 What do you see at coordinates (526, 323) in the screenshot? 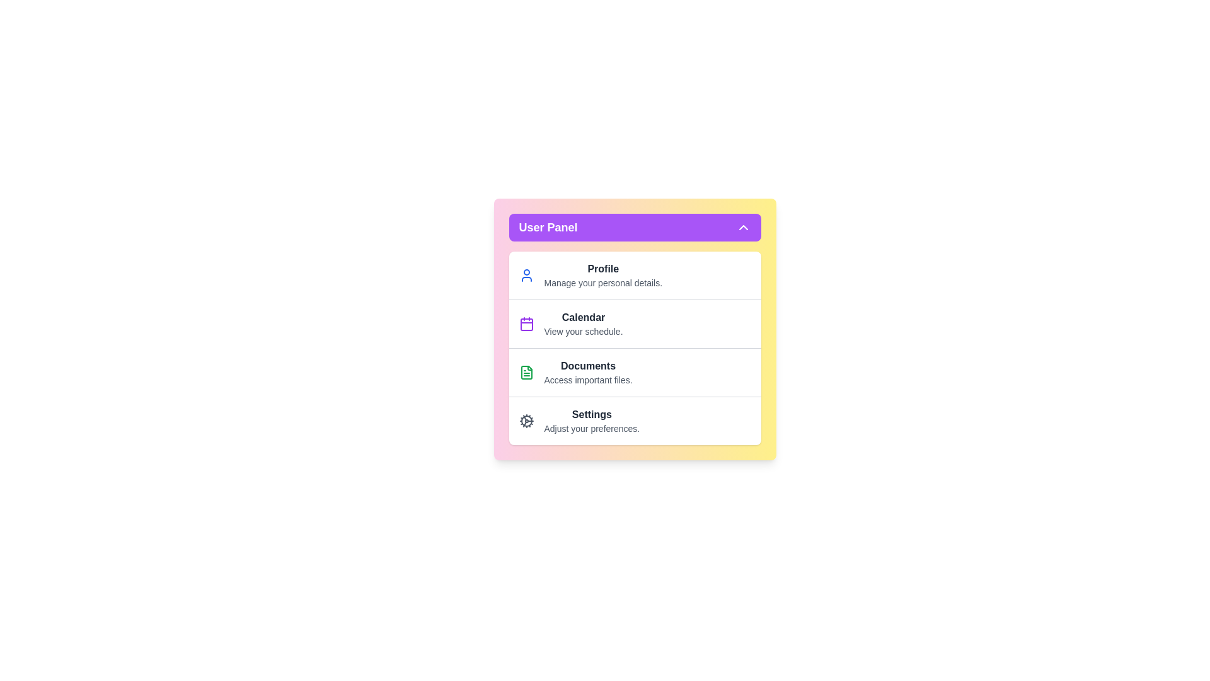
I see `the calendar icon located in the 'Calendar' section` at bounding box center [526, 323].